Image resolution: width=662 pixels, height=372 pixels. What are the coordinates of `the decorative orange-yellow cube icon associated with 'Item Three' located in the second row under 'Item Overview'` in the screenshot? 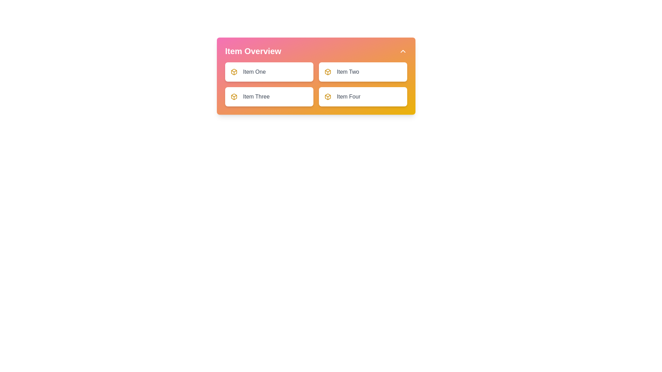 It's located at (234, 97).